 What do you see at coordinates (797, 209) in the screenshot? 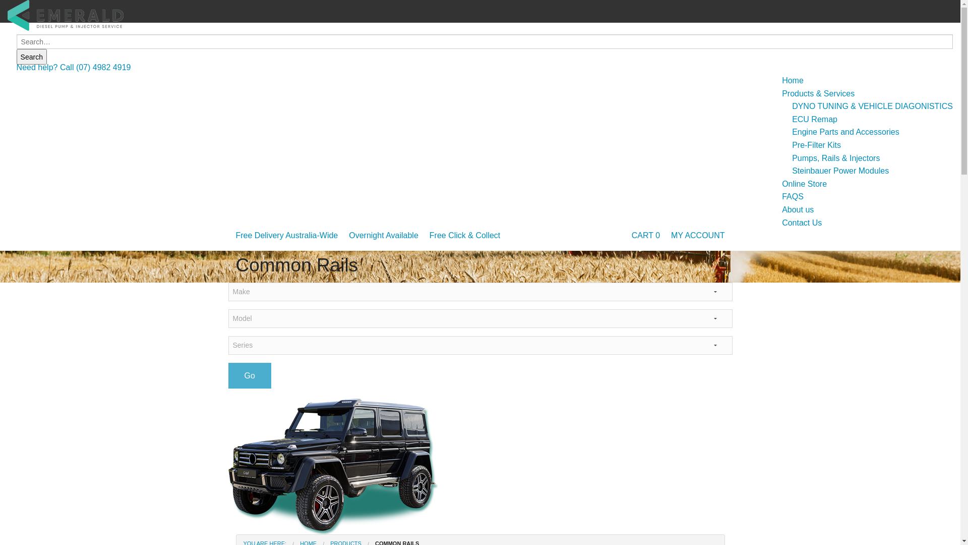
I see `'About us'` at bounding box center [797, 209].